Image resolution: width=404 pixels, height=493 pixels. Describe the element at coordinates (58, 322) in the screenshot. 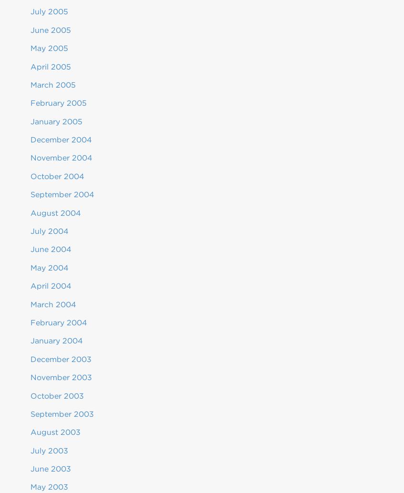

I see `'February 2004'` at that location.